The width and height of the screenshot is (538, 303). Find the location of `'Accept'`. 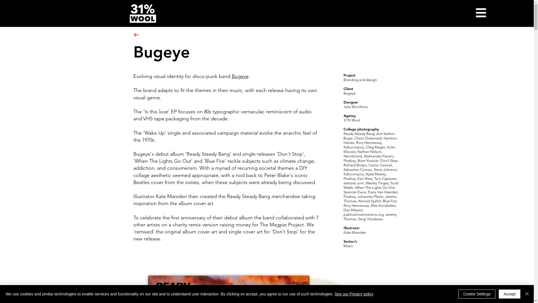

'Accept' is located at coordinates (509, 294).